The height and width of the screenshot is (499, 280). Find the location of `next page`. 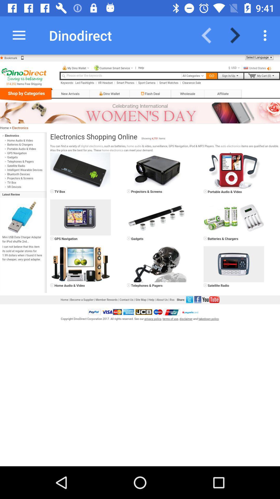

next page is located at coordinates (238, 35).